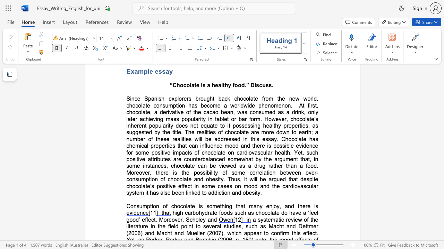 The width and height of the screenshot is (444, 249). I want to click on the subset text "late’s inherent popu" within the text "At first, chocolate, a derivative of the cacao bean, was consumed as a drink, only later achieving mass popularity in tablet or bar form. However, chocolate’s inherent popularity does not equate to it", so click(305, 119).